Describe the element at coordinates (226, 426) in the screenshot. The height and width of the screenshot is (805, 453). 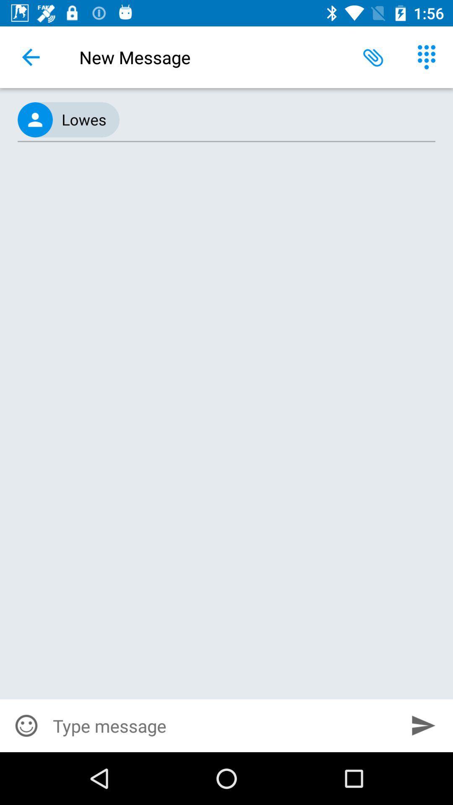
I see `item at the center` at that location.